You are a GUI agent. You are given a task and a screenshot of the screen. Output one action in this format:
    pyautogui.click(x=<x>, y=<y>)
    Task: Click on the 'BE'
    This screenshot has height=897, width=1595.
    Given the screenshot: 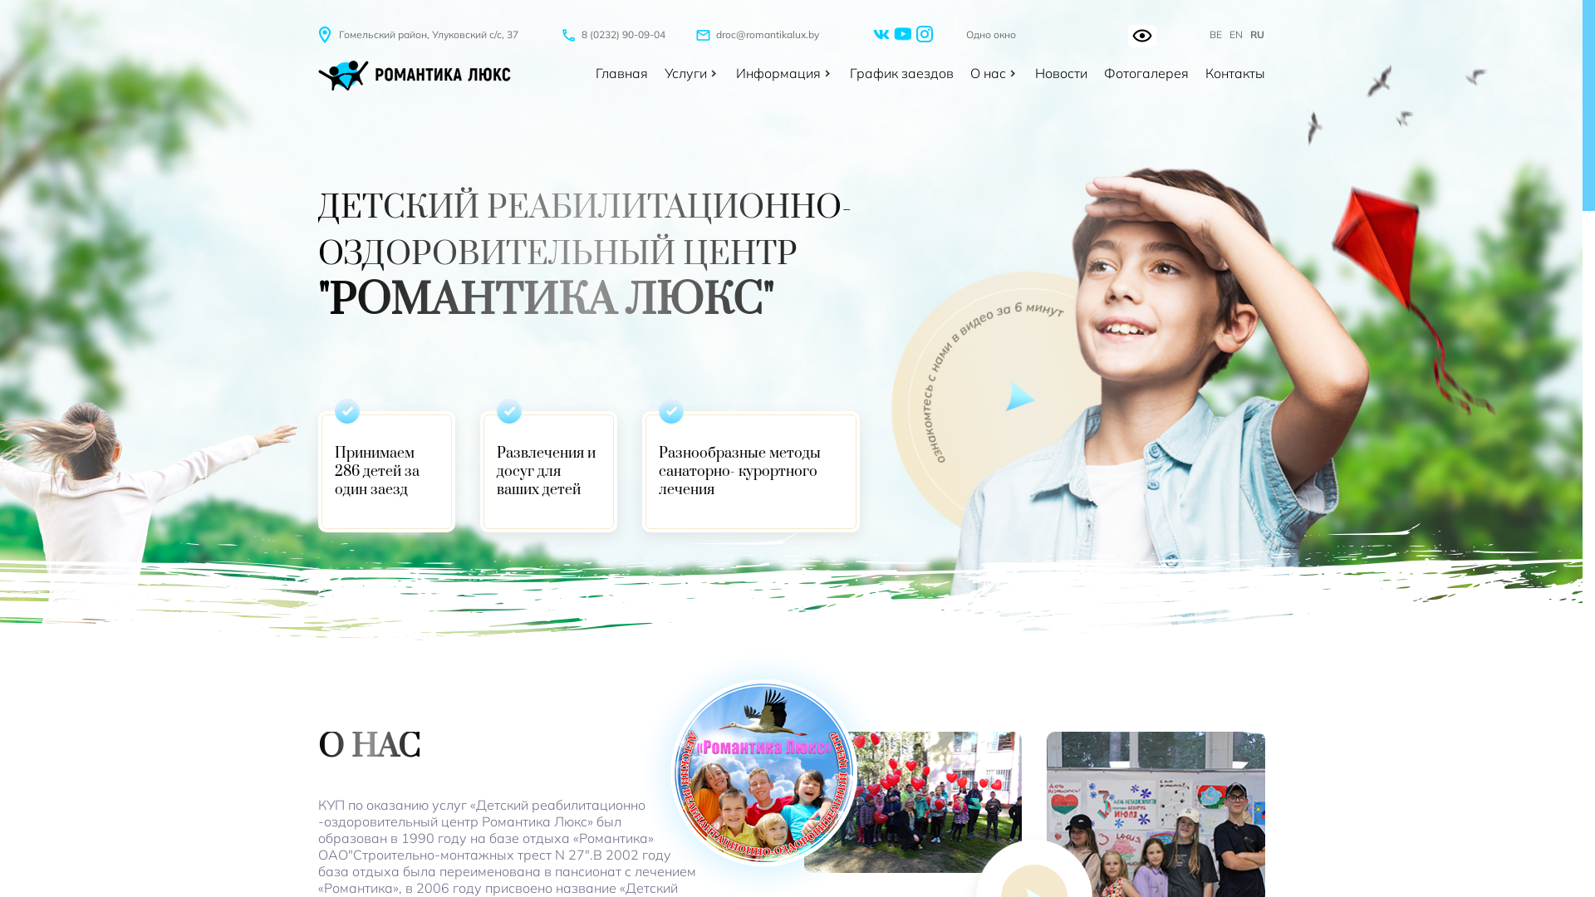 What is the action you would take?
    pyautogui.click(x=1215, y=35)
    